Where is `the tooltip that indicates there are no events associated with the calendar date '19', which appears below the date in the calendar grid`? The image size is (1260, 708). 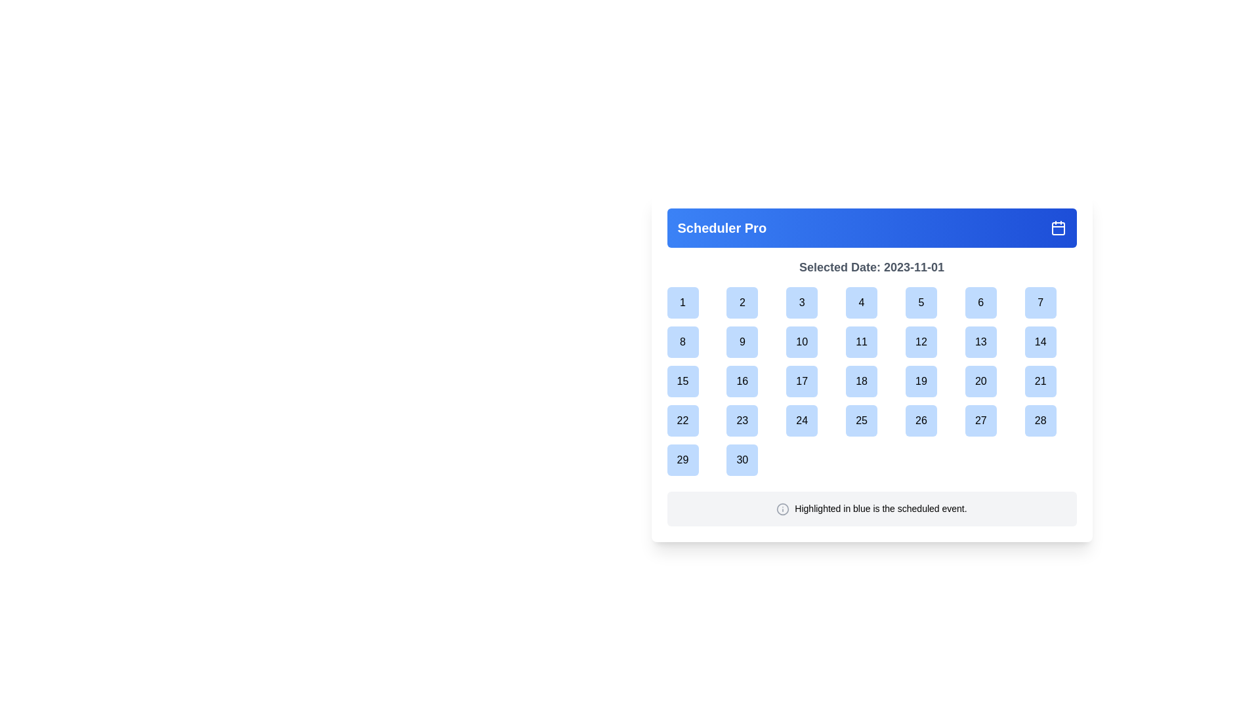
the tooltip that indicates there are no events associated with the calendar date '19', which appears below the date in the calendar grid is located at coordinates (932, 369).